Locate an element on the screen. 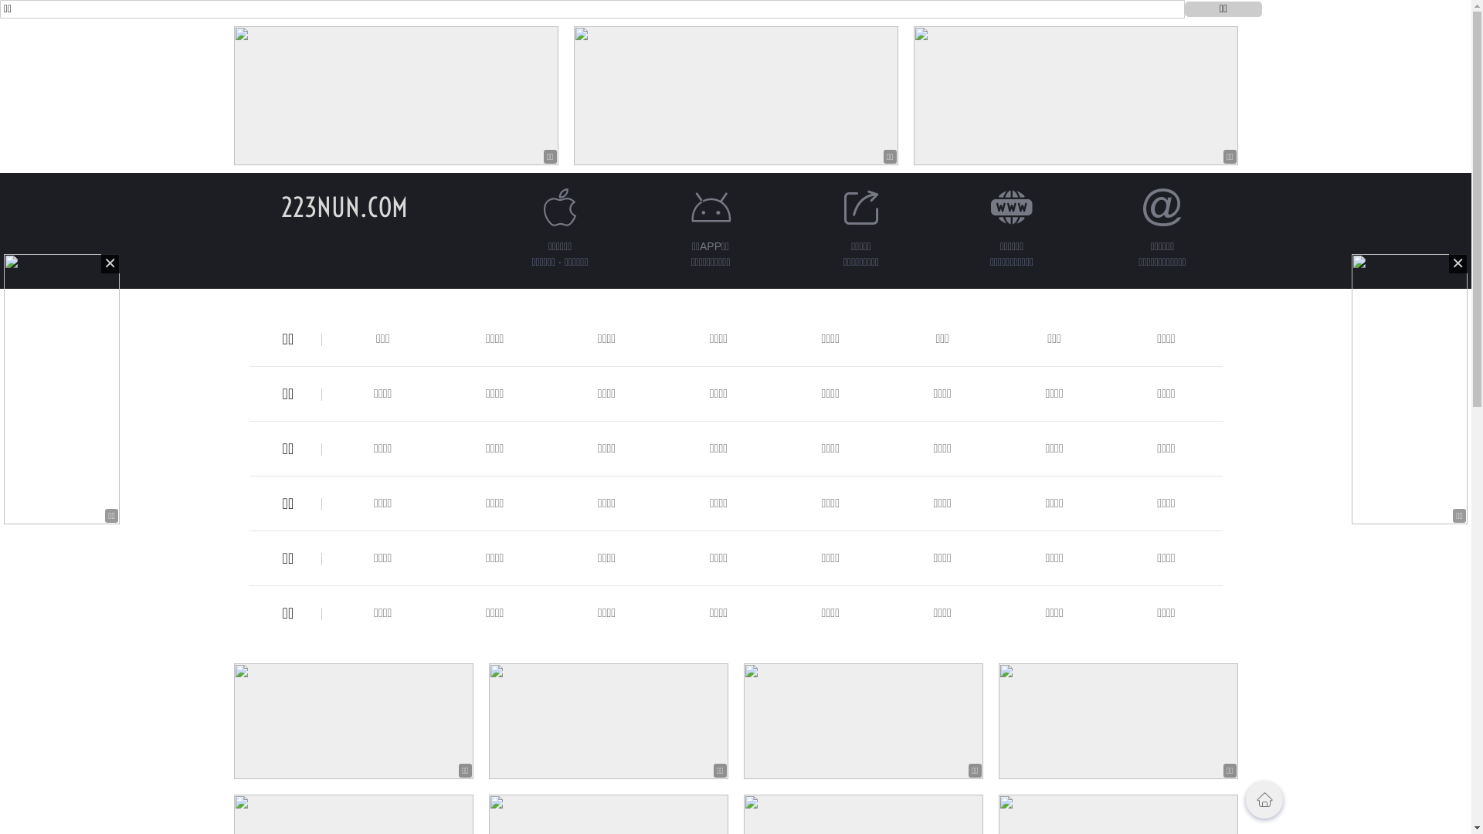 Image resolution: width=1483 pixels, height=834 pixels. '223NUN.COM' is located at coordinates (344, 206).